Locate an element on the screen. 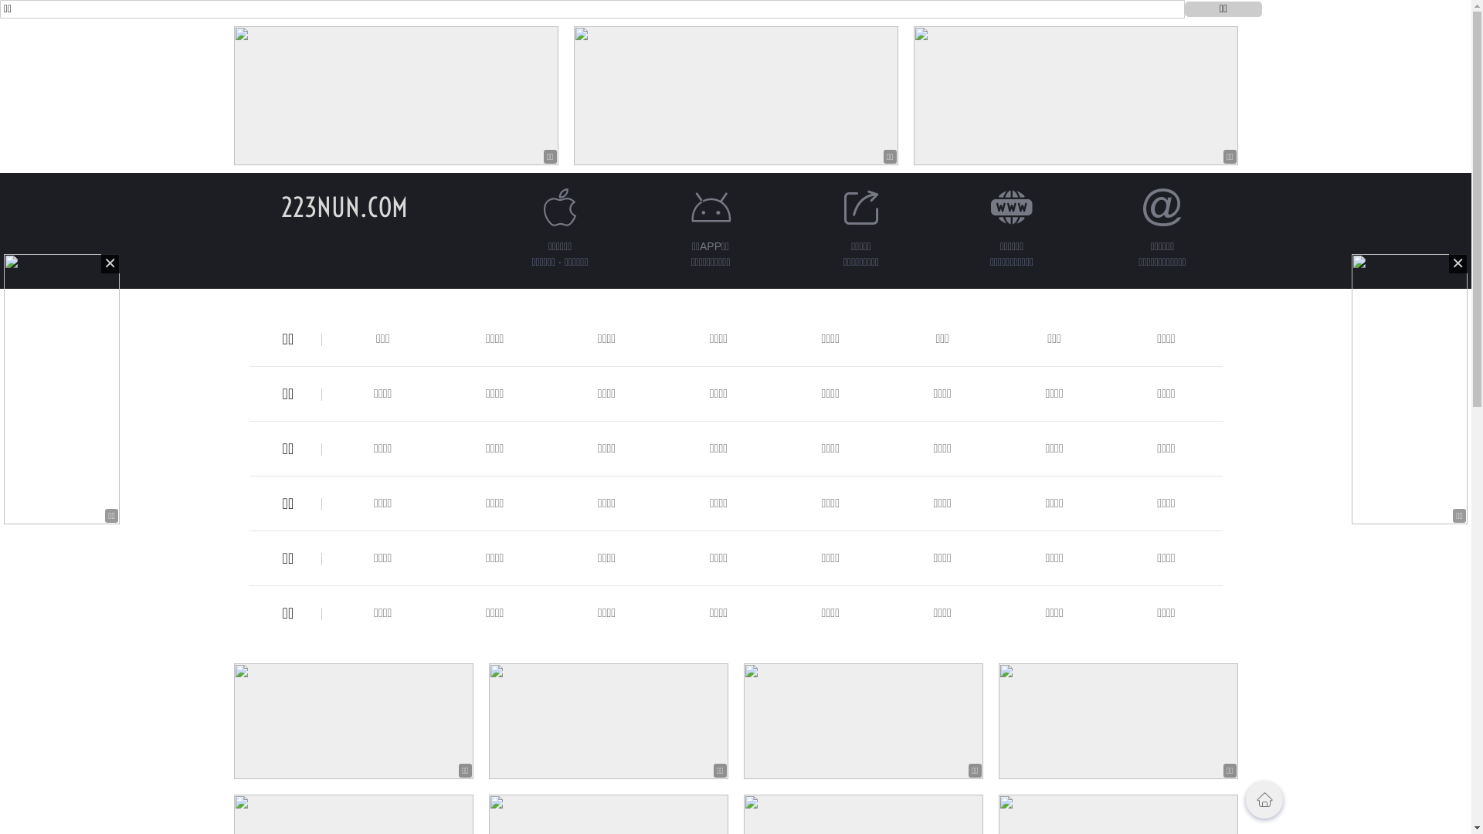 Image resolution: width=1483 pixels, height=834 pixels. '223NUN.COM' is located at coordinates (344, 206).